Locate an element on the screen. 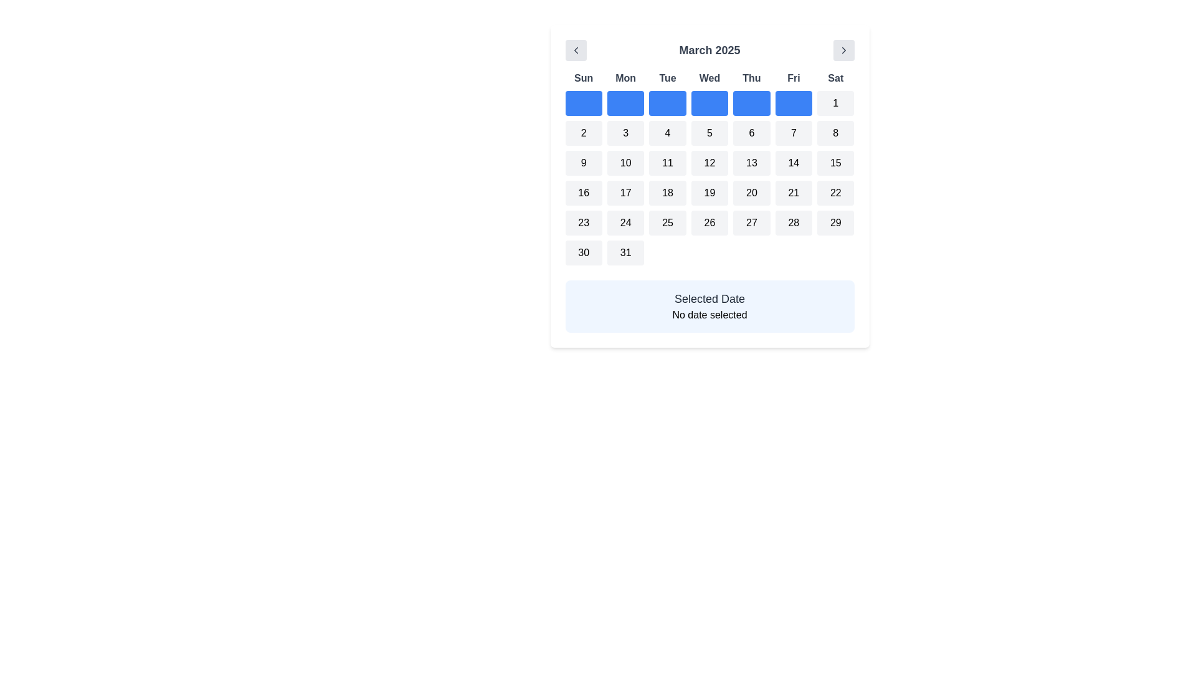 The height and width of the screenshot is (673, 1196). the button representing the first day in the calendar grid, located under 'Sun' is located at coordinates (582, 102).